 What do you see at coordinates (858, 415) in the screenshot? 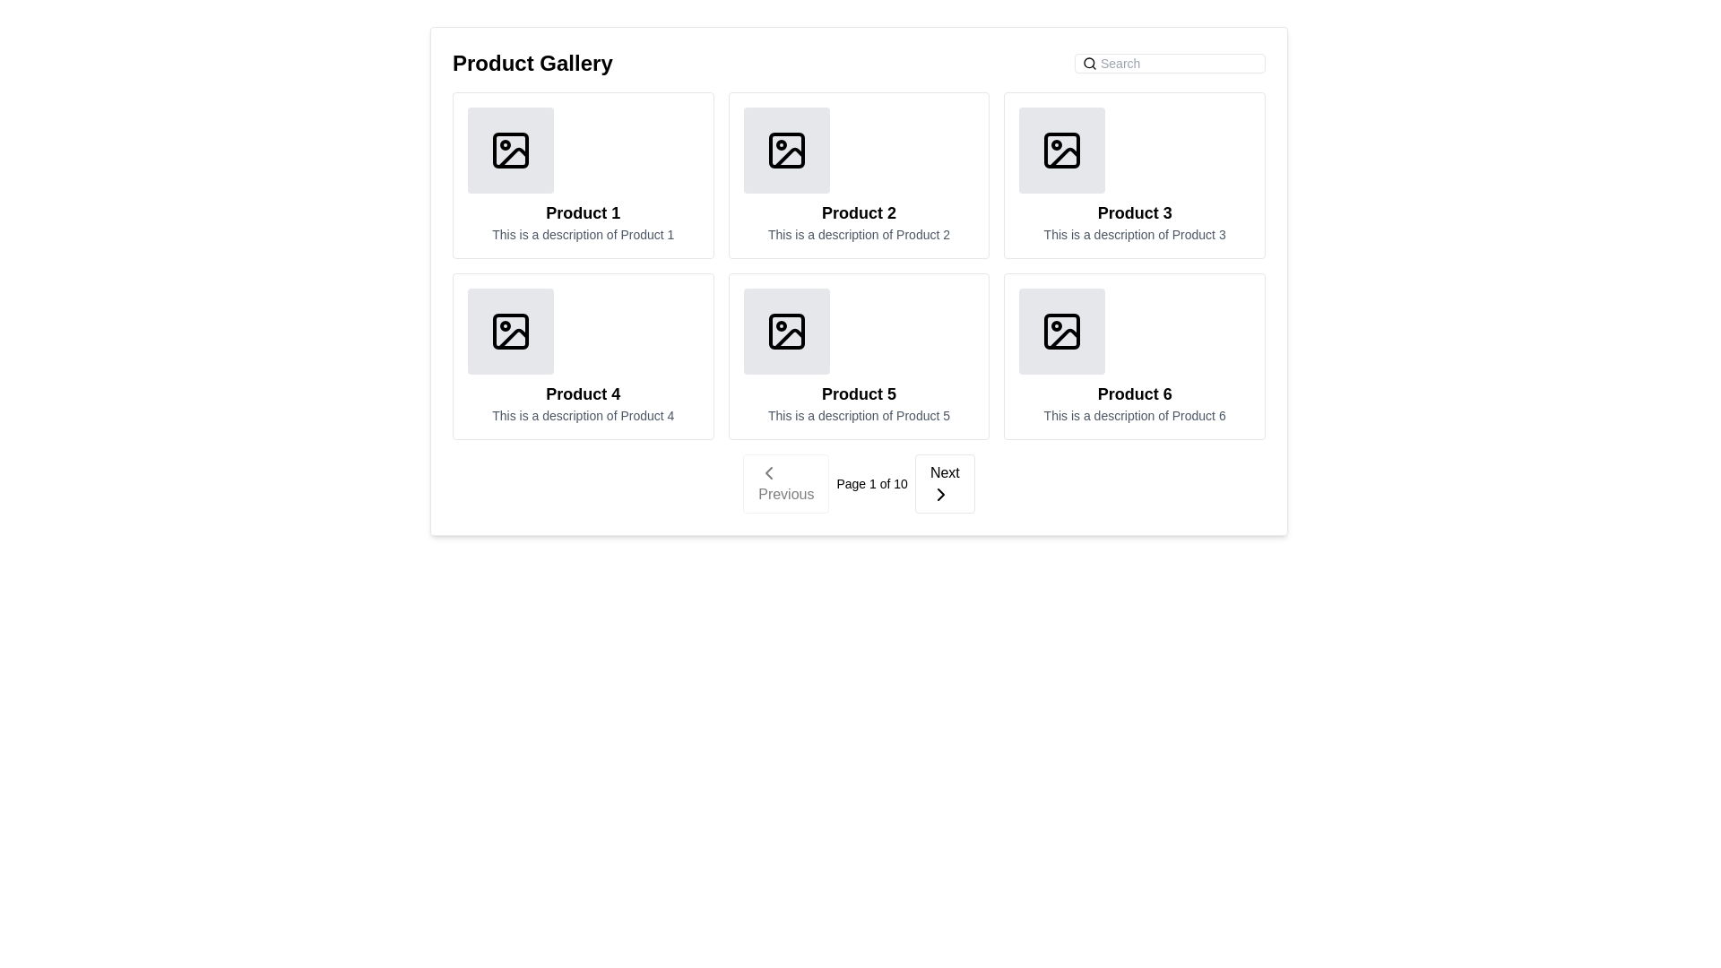
I see `the static text providing additional descriptive information about 'Product 5', located at the bottom of the fifth product card in the second row, second column of the product grid layout` at bounding box center [858, 415].